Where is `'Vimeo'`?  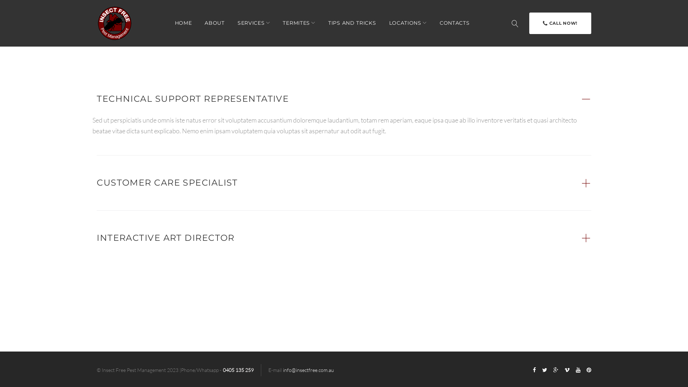 'Vimeo' is located at coordinates (567, 370).